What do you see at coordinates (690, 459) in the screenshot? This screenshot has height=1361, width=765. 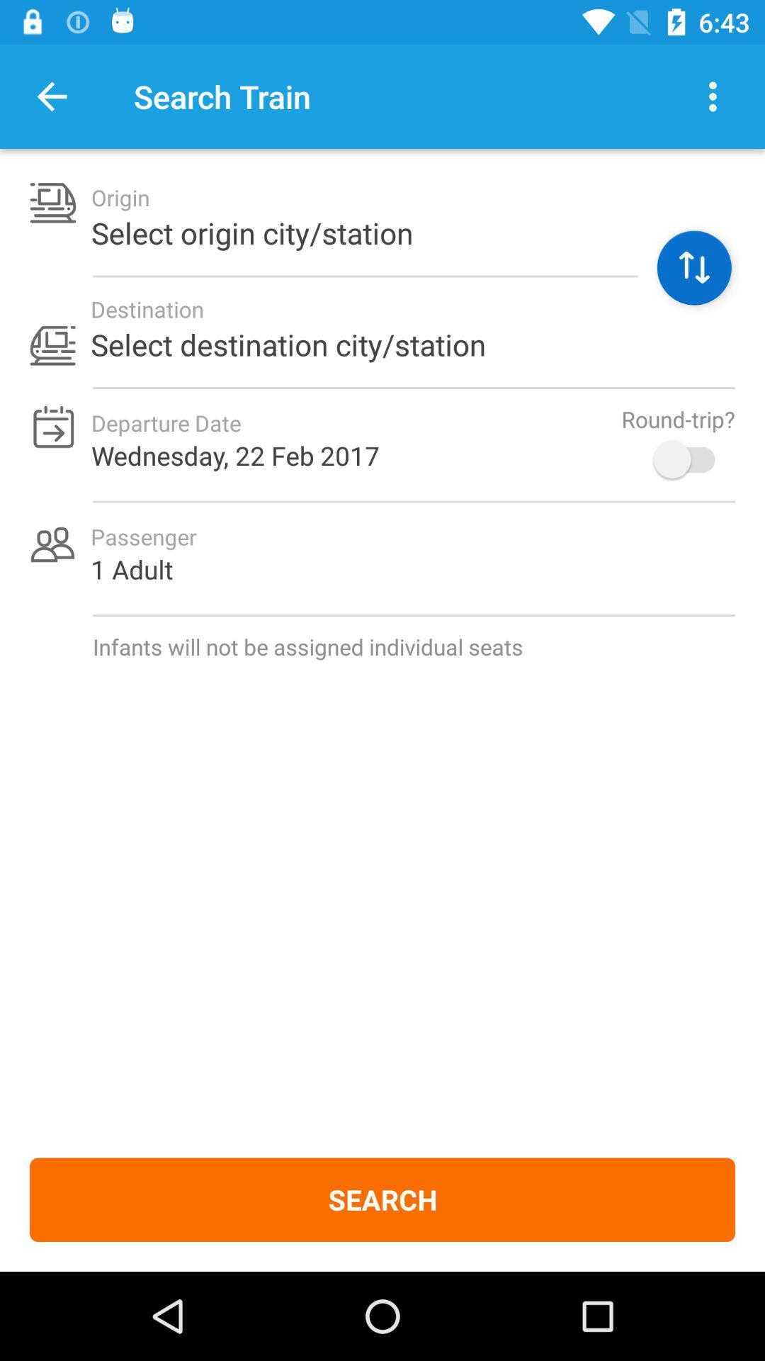 I see `switch round trip option` at bounding box center [690, 459].